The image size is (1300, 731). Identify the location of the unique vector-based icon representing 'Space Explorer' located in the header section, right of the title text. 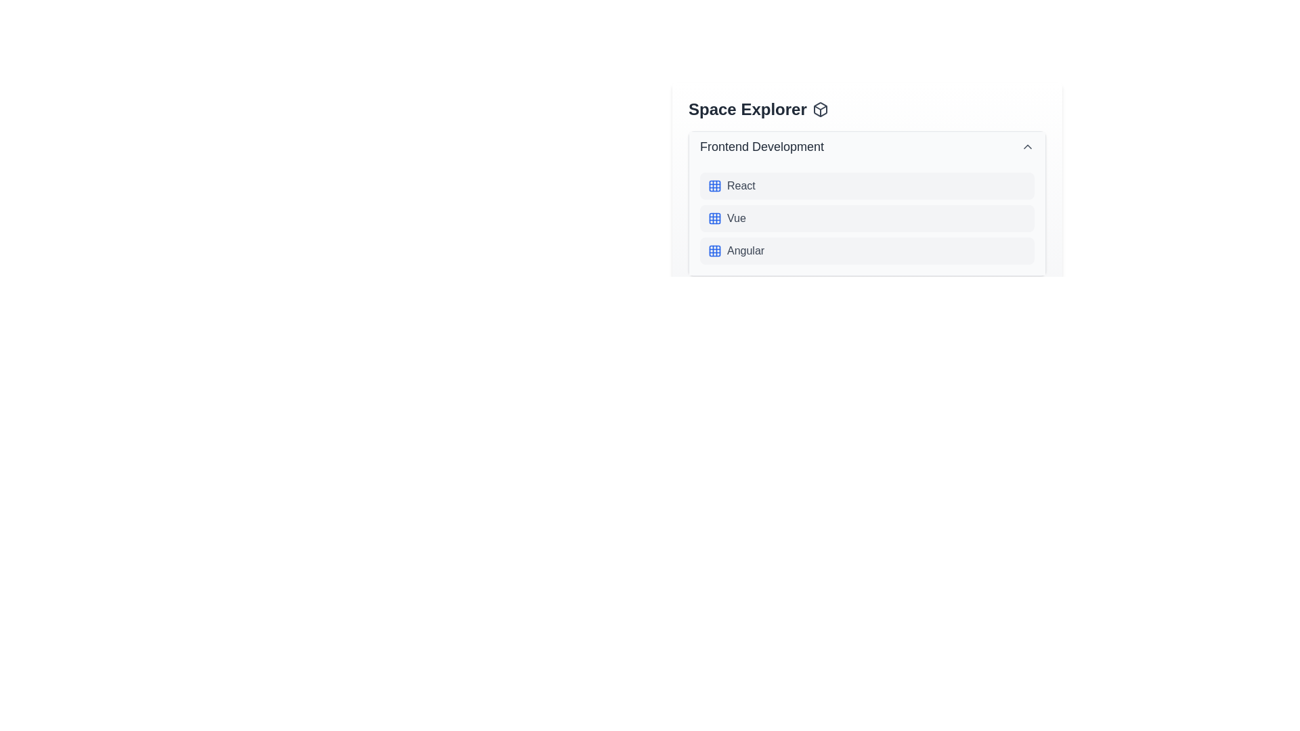
(819, 109).